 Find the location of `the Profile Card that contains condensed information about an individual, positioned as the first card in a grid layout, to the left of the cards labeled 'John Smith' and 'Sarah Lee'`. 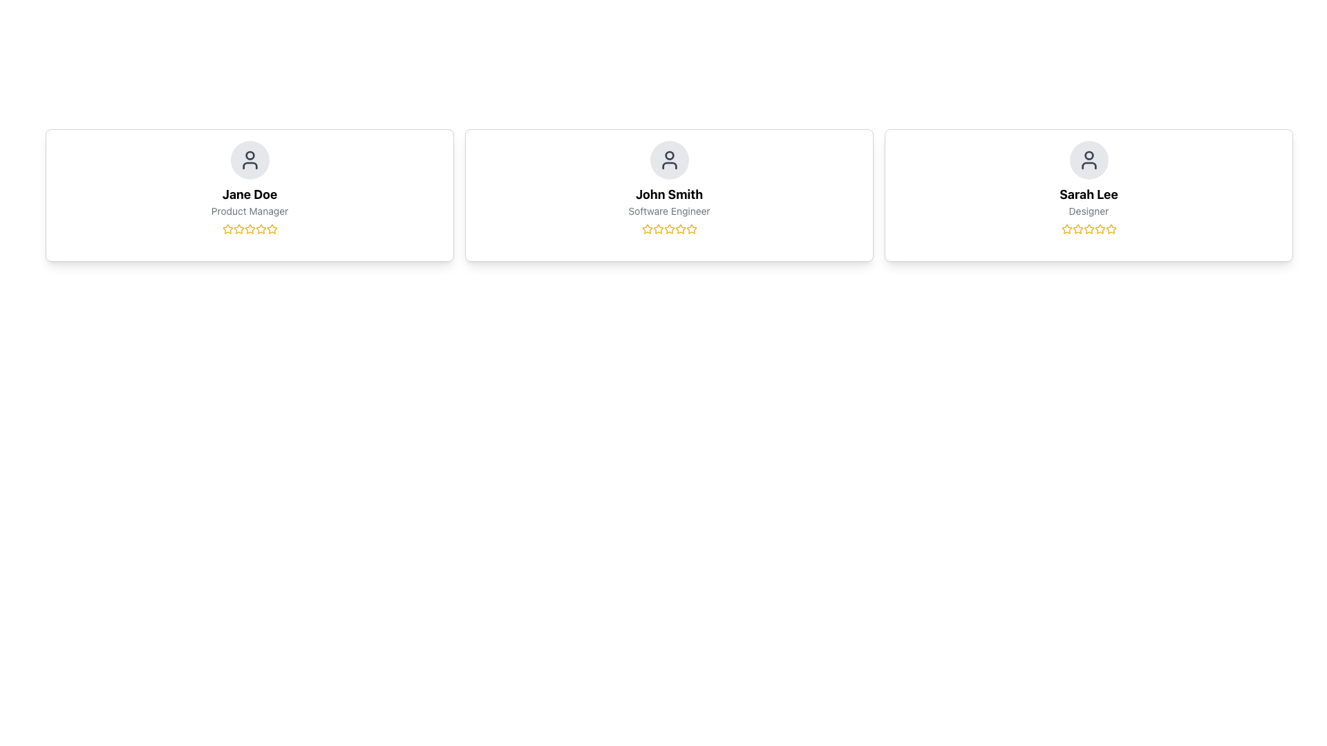

the Profile Card that contains condensed information about an individual, positioned as the first card in a grid layout, to the left of the cards labeled 'John Smith' and 'Sarah Lee' is located at coordinates (250, 195).